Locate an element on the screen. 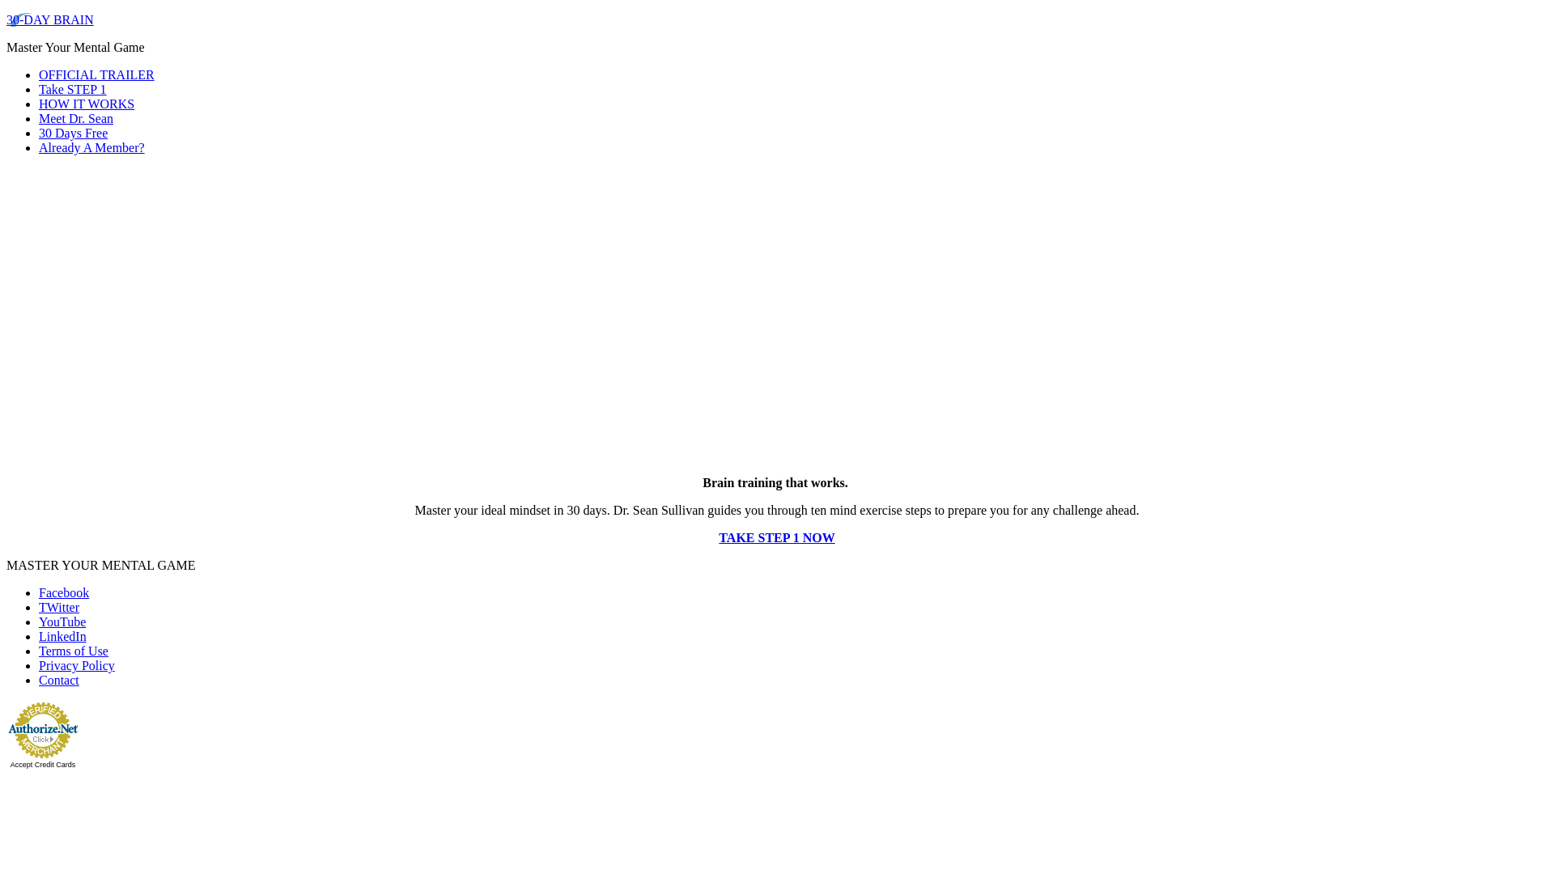  'HOW IT WORKS' is located at coordinates (39, 104).